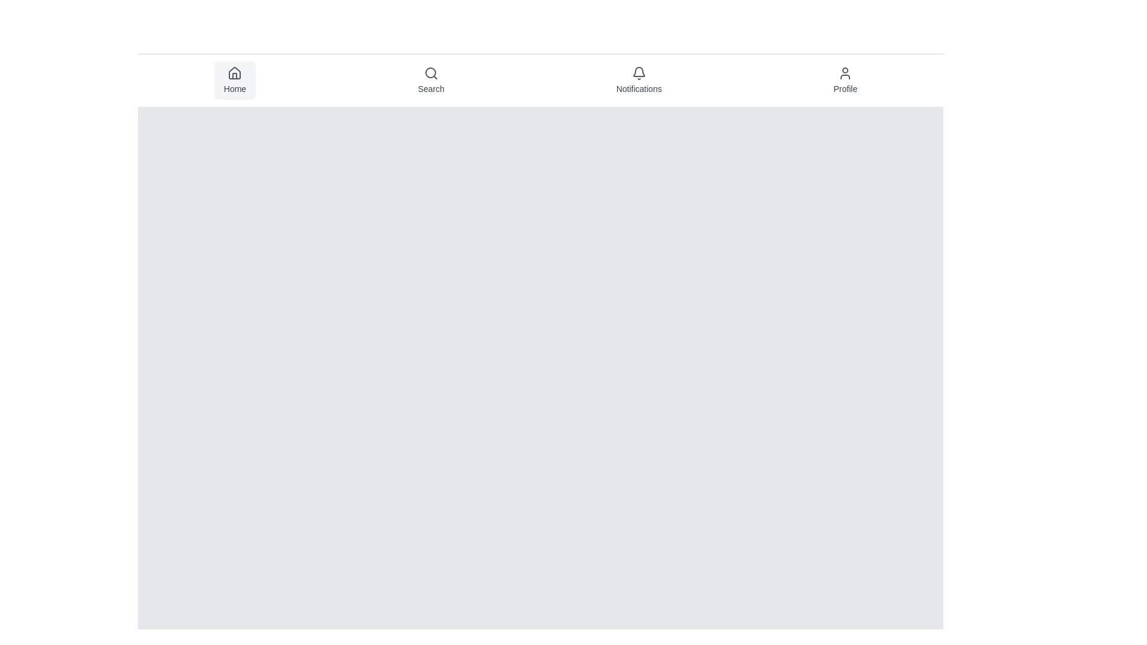 The width and height of the screenshot is (1147, 645). I want to click on the small gray home icon located above the 'Home' label in the navigation bar, so click(235, 73).